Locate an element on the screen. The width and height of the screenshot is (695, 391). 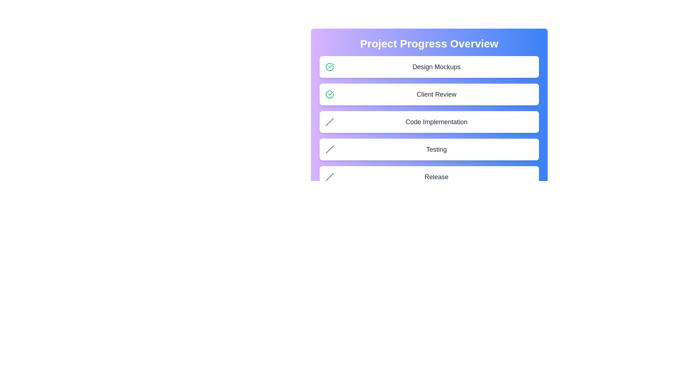
the first card in the vertical list that represents the task 'Design Mockups' is located at coordinates (429, 67).